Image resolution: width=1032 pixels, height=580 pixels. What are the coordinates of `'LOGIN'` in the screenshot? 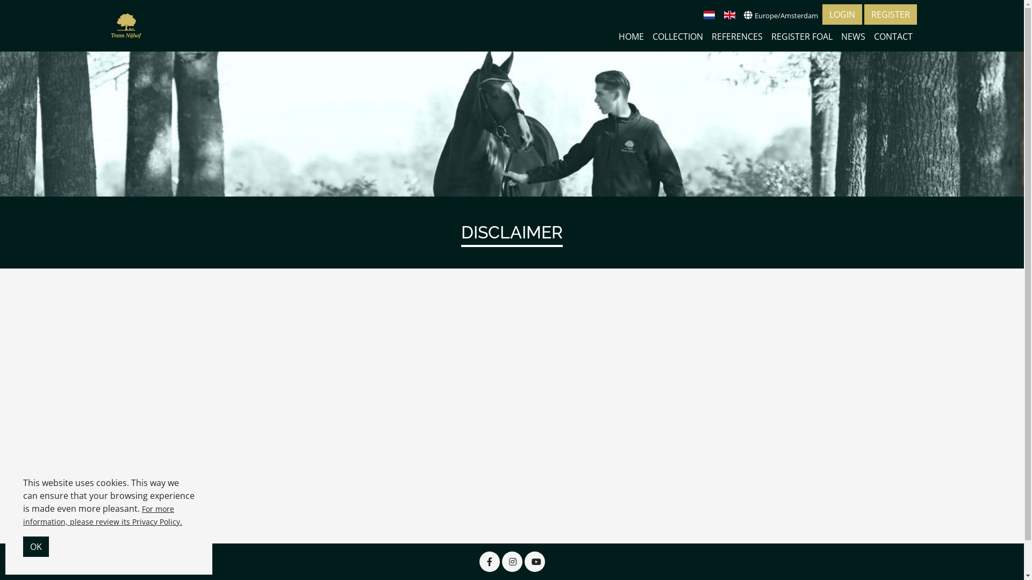 It's located at (841, 15).